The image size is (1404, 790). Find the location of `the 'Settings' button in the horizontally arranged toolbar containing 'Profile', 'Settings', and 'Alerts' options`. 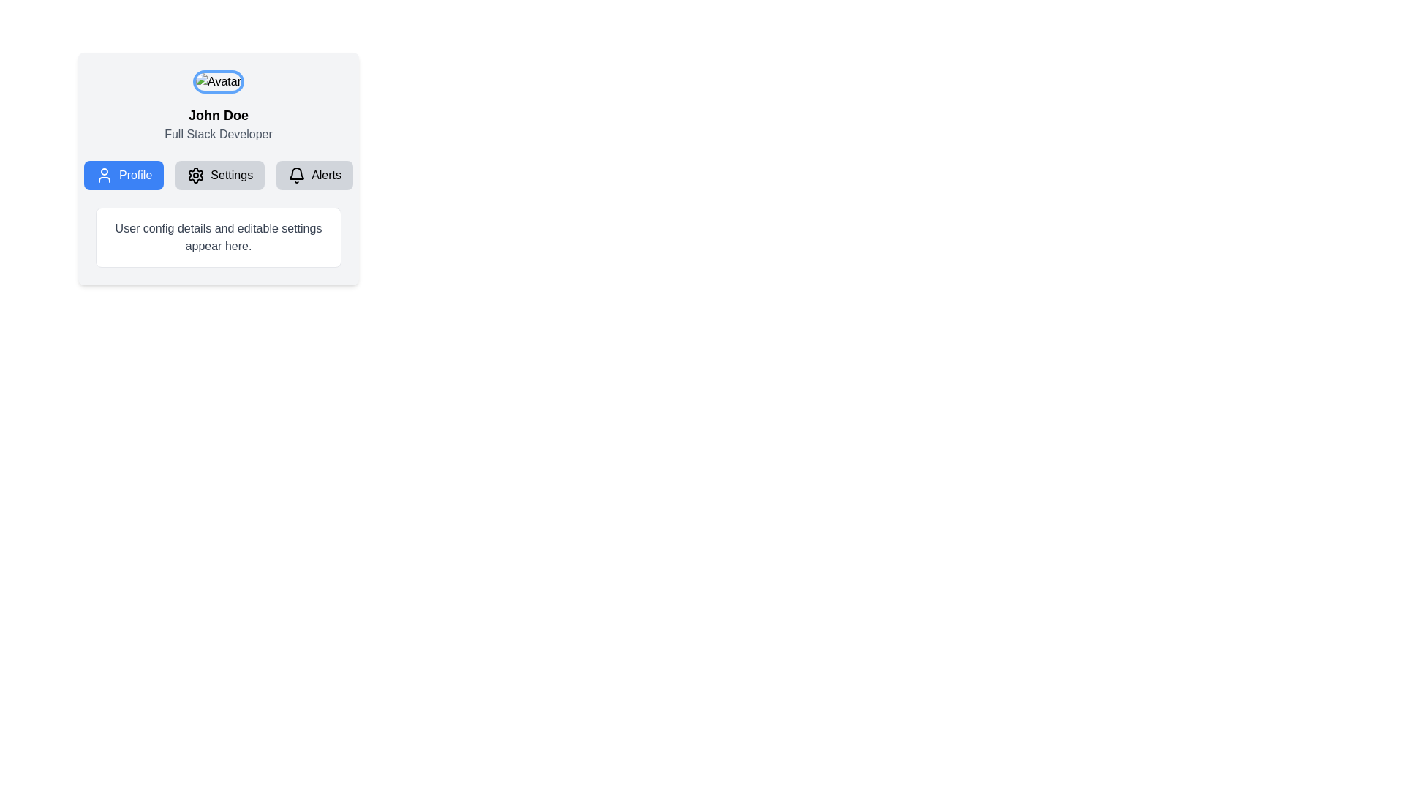

the 'Settings' button in the horizontally arranged toolbar containing 'Profile', 'Settings', and 'Alerts' options is located at coordinates (217, 174).